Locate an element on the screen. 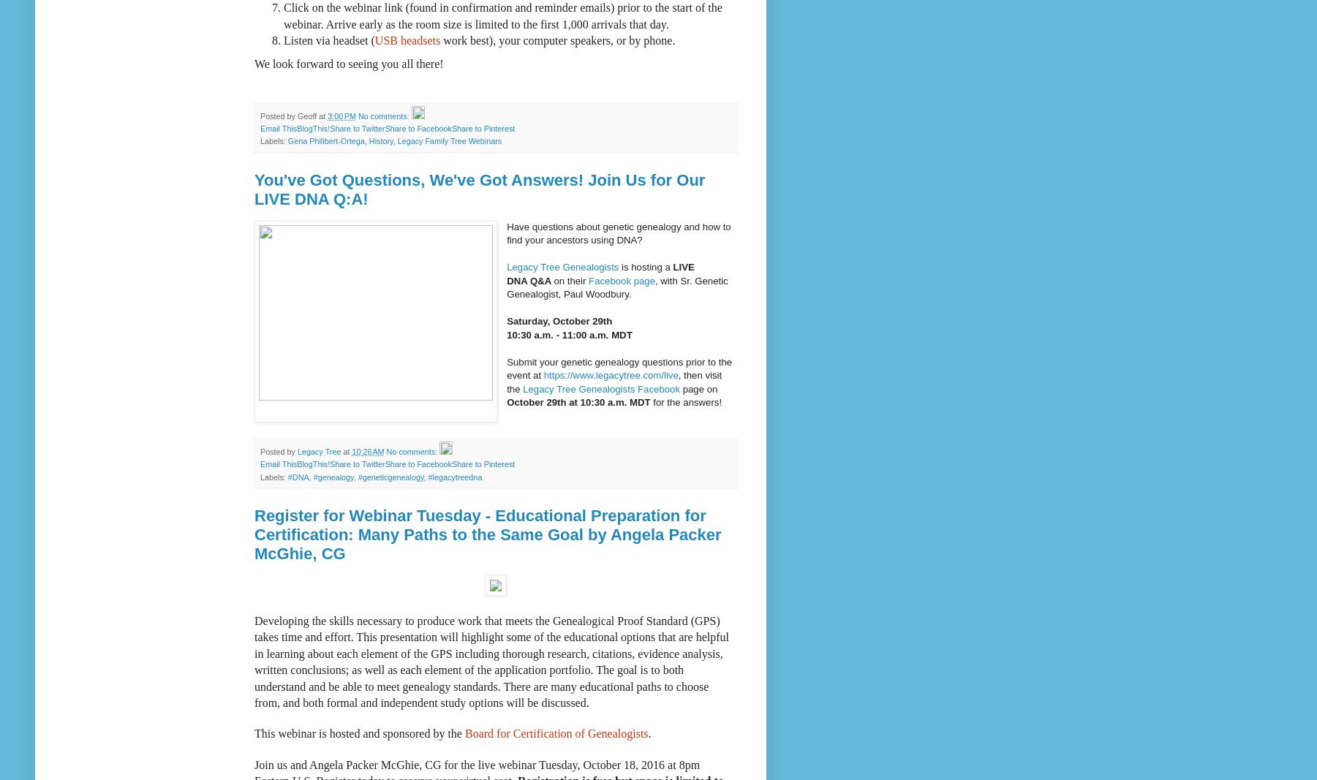 This screenshot has height=780, width=1317. 'Legacy Tree' is located at coordinates (297, 451).